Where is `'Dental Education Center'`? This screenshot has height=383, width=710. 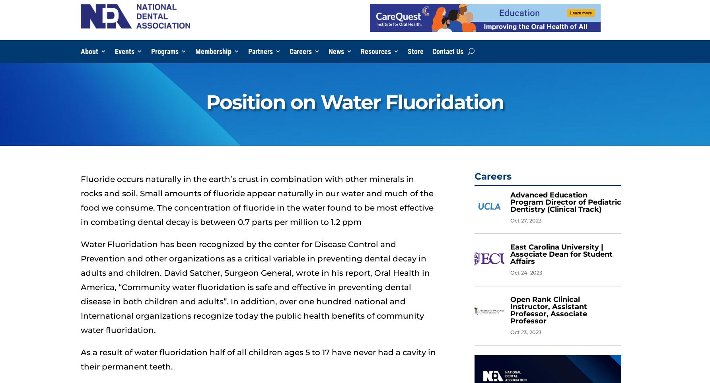 'Dental Education Center' is located at coordinates (394, 67).